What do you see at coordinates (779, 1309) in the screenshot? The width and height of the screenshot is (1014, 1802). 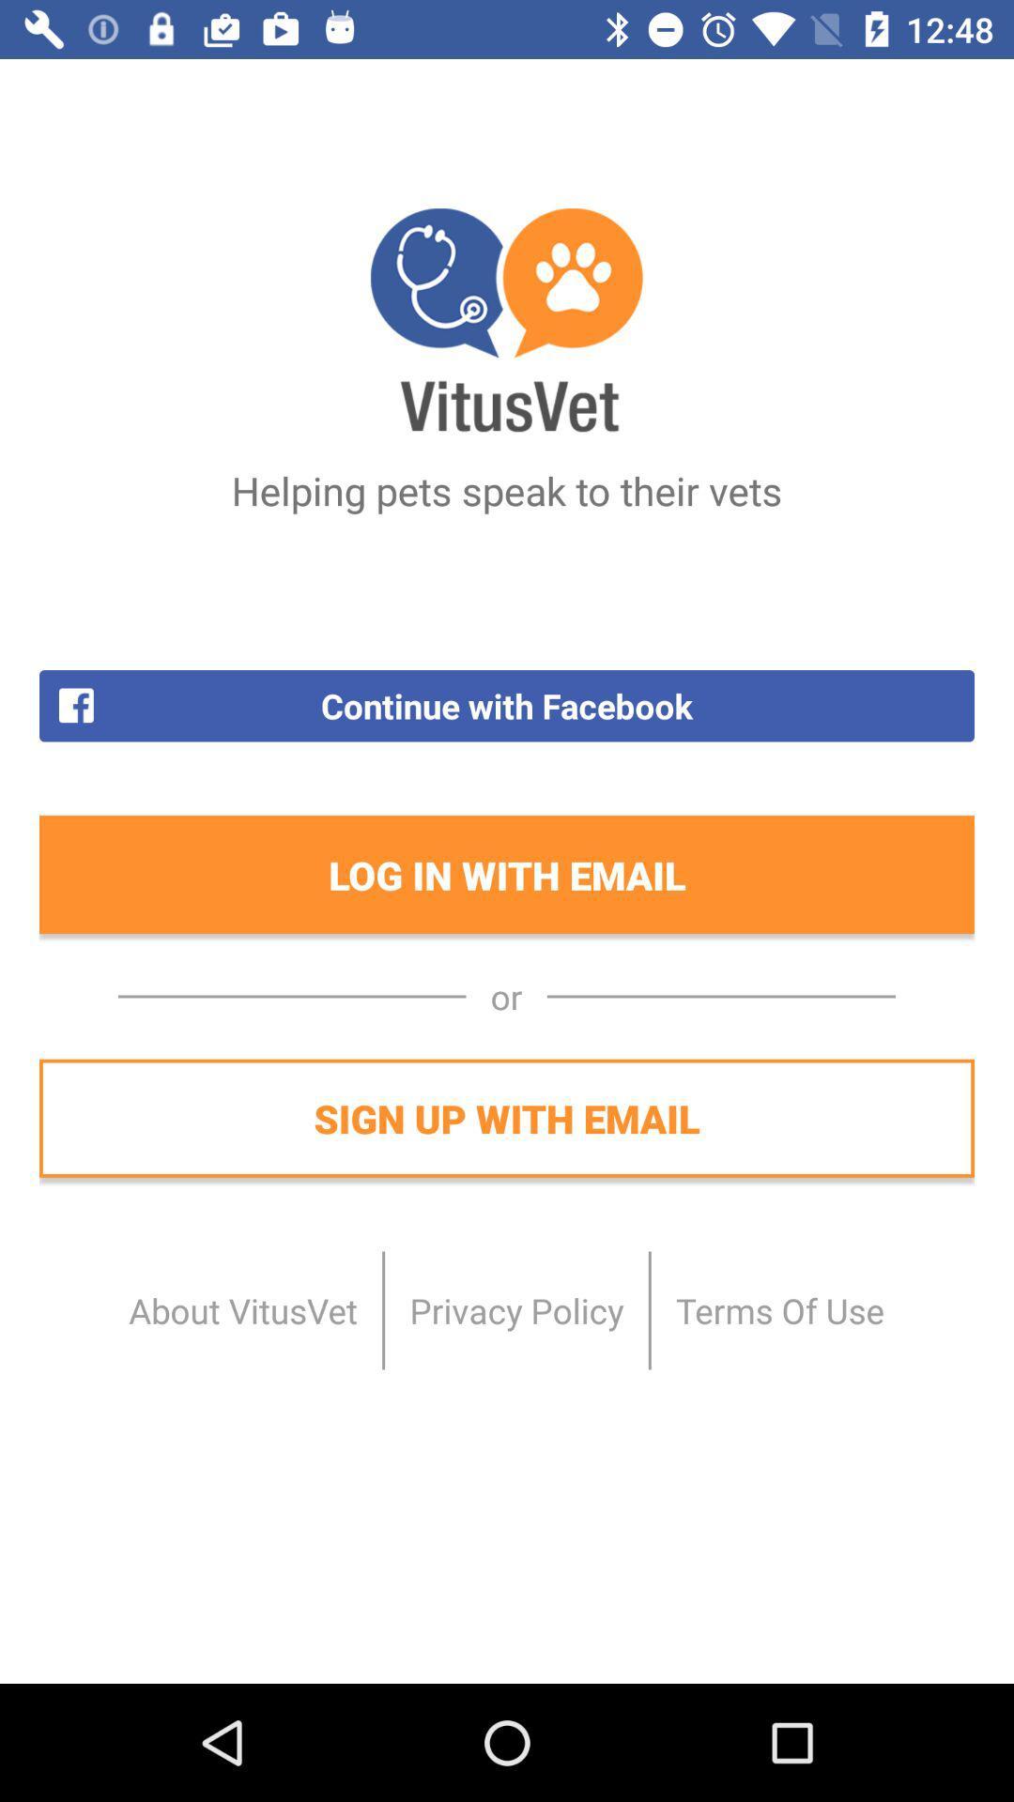 I see `the terms of use icon` at bounding box center [779, 1309].